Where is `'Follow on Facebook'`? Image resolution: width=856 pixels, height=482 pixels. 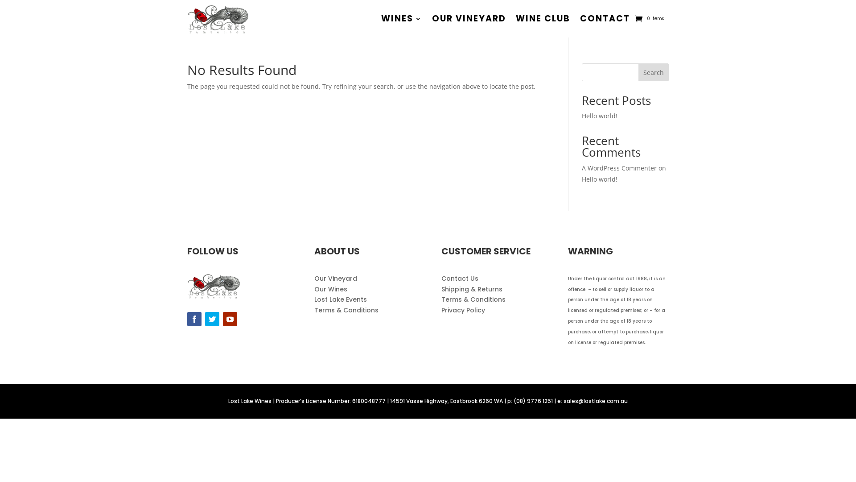
'Follow on Facebook' is located at coordinates (194, 318).